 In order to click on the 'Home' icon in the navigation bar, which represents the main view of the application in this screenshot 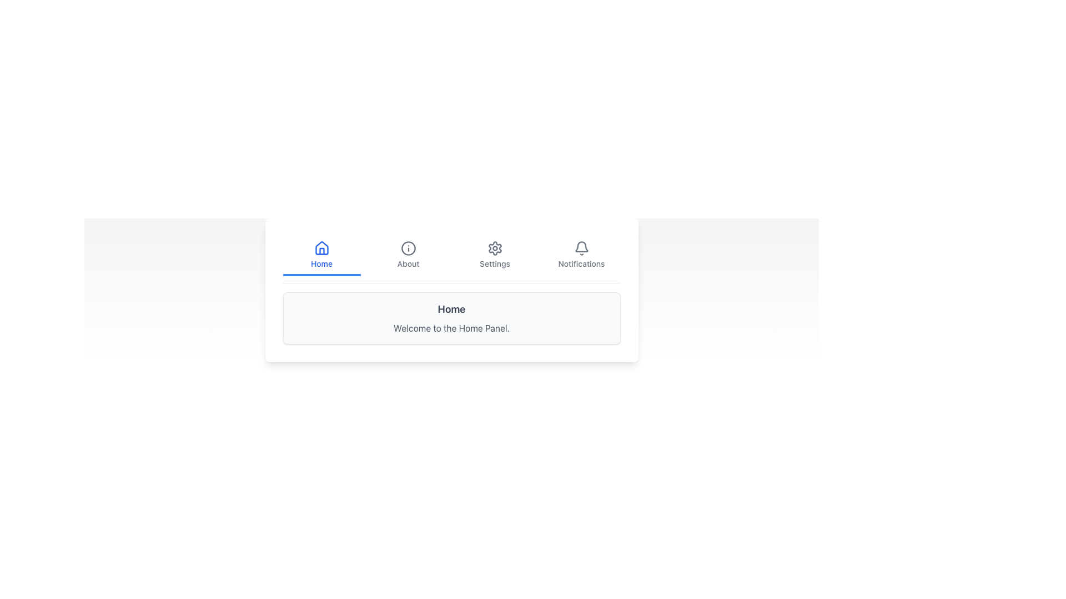, I will do `click(321, 247)`.